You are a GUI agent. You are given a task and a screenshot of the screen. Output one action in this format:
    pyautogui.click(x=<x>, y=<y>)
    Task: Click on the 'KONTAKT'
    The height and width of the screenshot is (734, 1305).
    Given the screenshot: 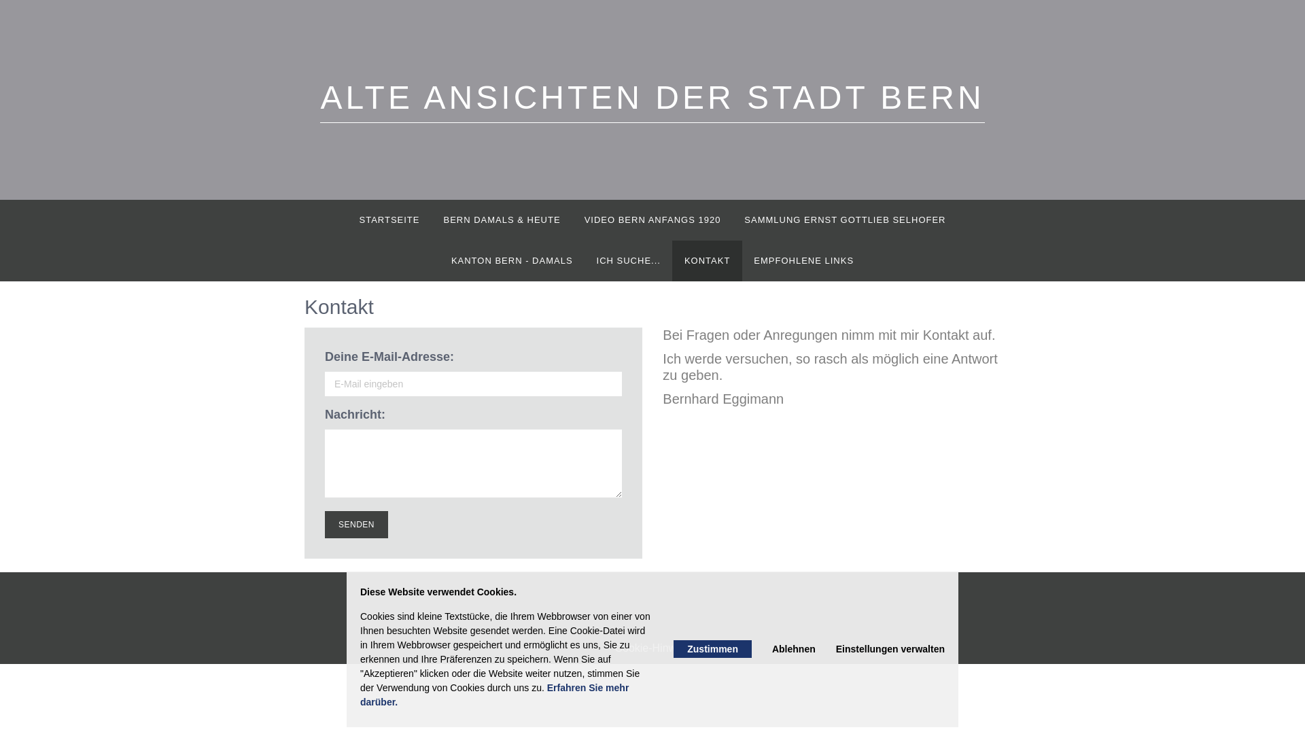 What is the action you would take?
    pyautogui.click(x=672, y=261)
    